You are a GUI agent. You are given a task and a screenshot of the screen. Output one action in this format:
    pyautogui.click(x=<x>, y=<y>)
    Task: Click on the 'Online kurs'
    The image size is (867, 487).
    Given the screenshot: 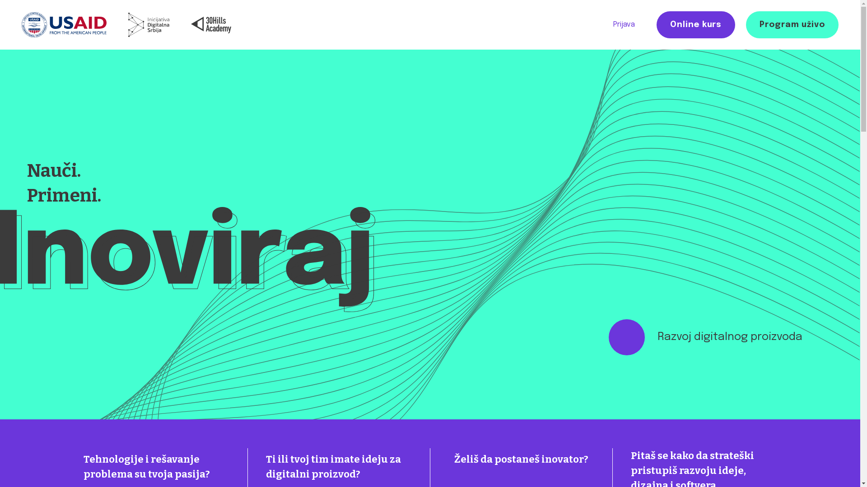 What is the action you would take?
    pyautogui.click(x=657, y=24)
    